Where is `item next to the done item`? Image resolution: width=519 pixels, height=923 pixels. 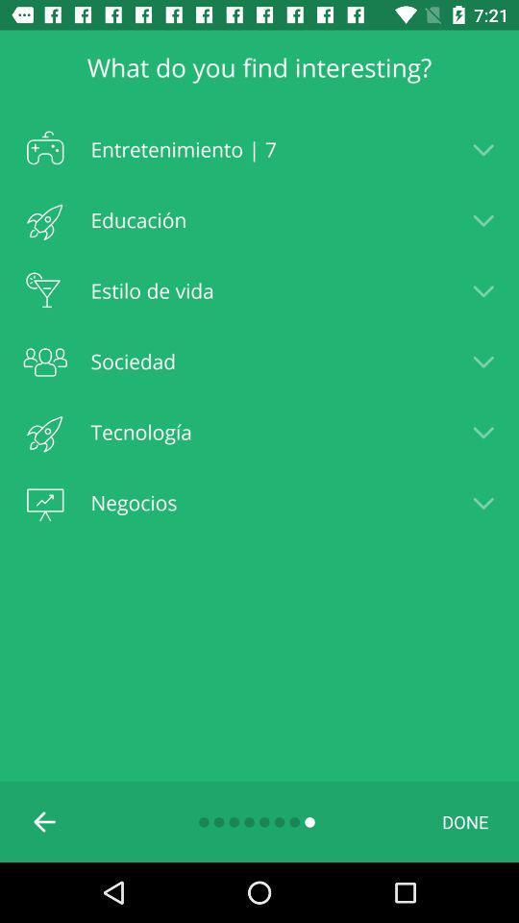 item next to the done item is located at coordinates (45, 820).